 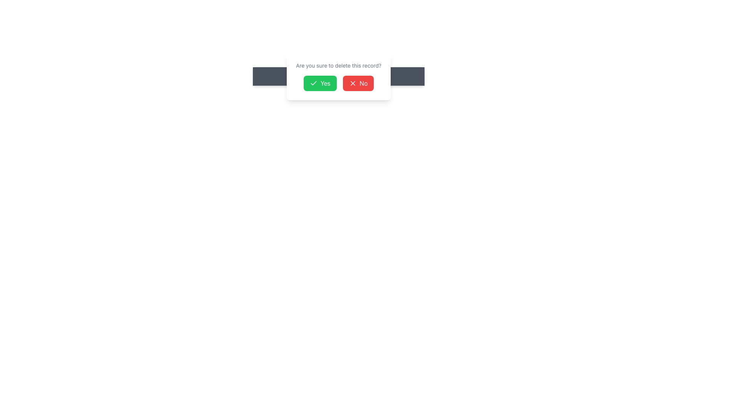 What do you see at coordinates (320, 83) in the screenshot?
I see `the green button with a white checkmark icon and the word 'Yes'` at bounding box center [320, 83].